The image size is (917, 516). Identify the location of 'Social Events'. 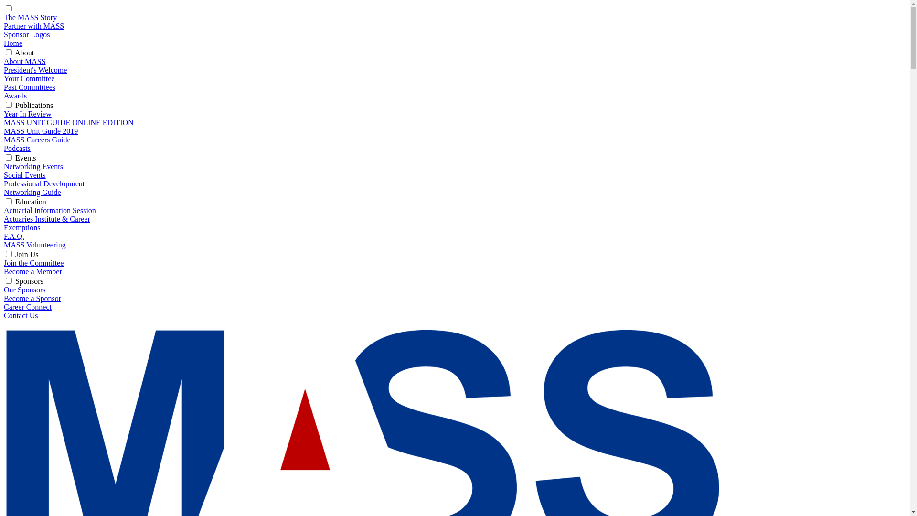
(25, 175).